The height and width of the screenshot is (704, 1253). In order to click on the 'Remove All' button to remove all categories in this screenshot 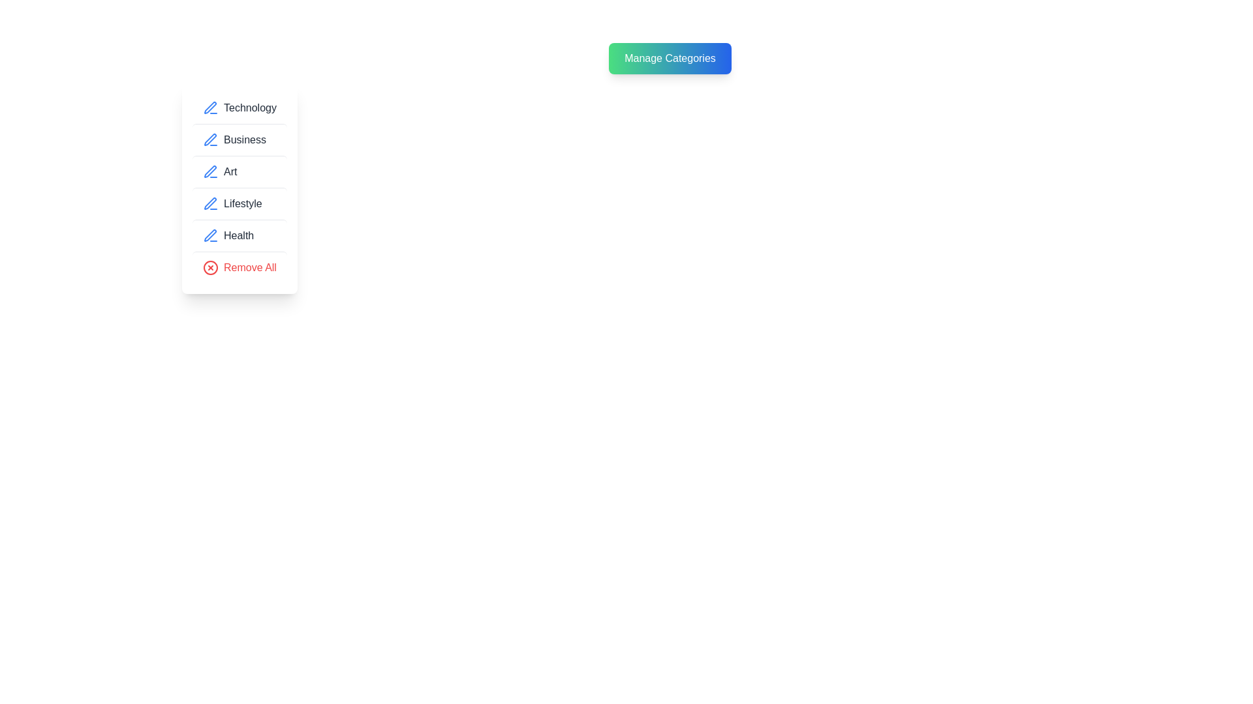, I will do `click(239, 266)`.